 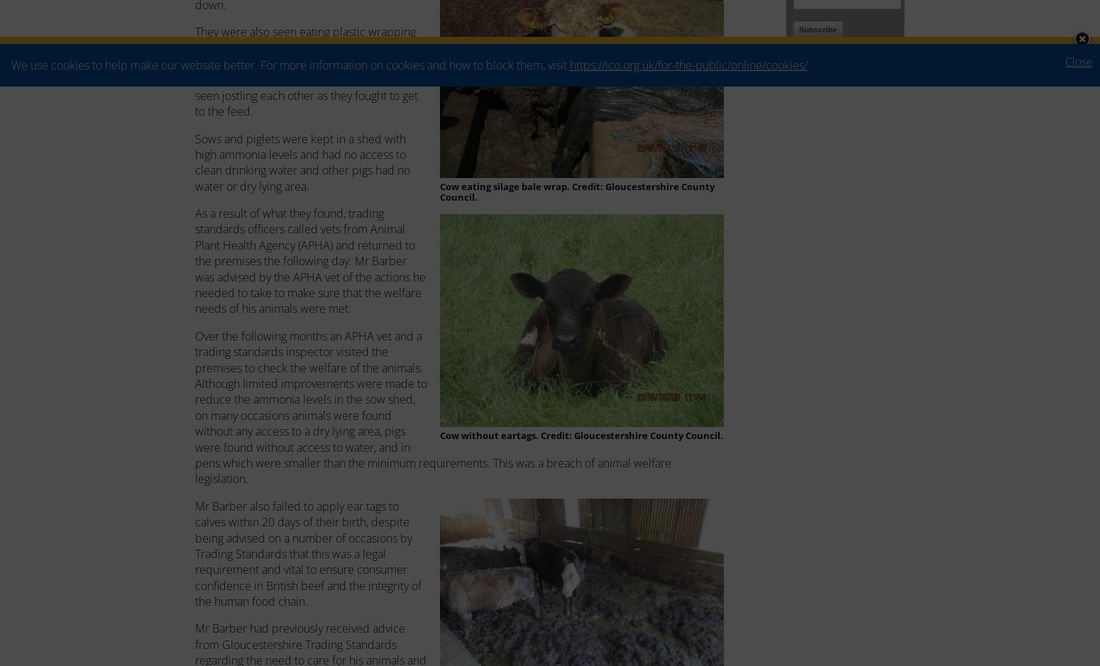 I want to click on 'Cow eating silage bale wrap. Credit: Gloucestershire County Council.', so click(x=576, y=191).